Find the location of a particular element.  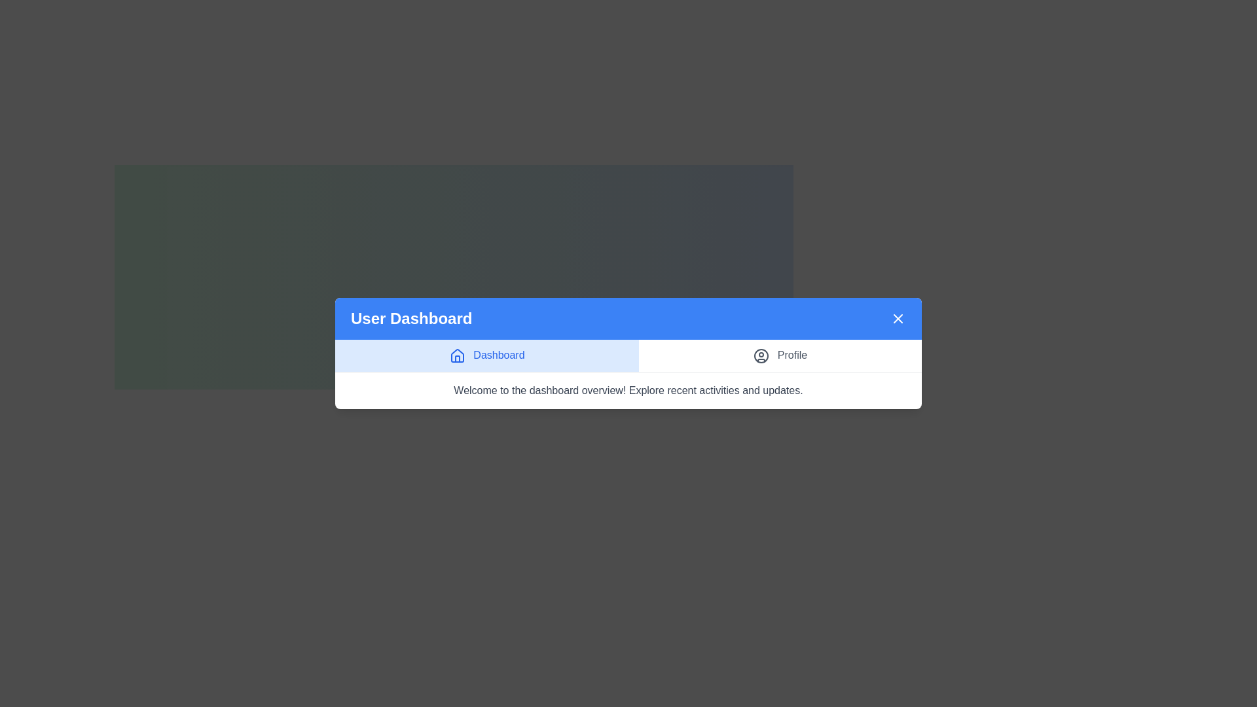

text from the Text Label that displays: "Welcome to the dashboard overview! Explore recent activities and updates." is located at coordinates (628, 390).